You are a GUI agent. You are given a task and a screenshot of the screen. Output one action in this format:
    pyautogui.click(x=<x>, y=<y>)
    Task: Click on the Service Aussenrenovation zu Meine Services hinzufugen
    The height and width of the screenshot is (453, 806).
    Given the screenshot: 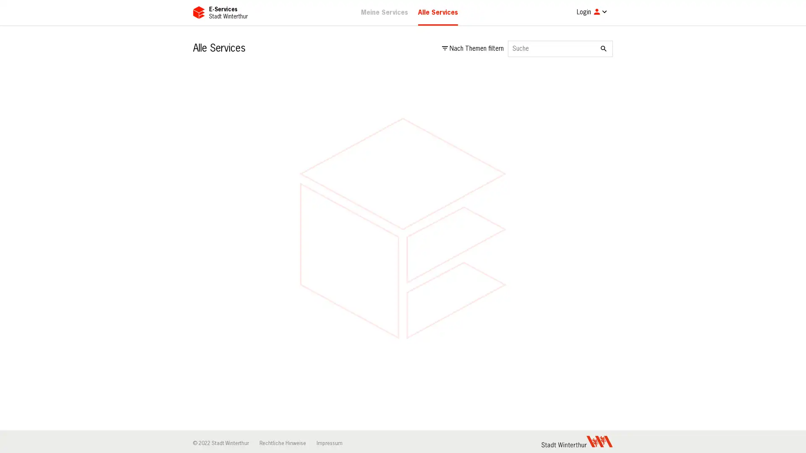 What is the action you would take?
    pyautogui.click(x=600, y=263)
    